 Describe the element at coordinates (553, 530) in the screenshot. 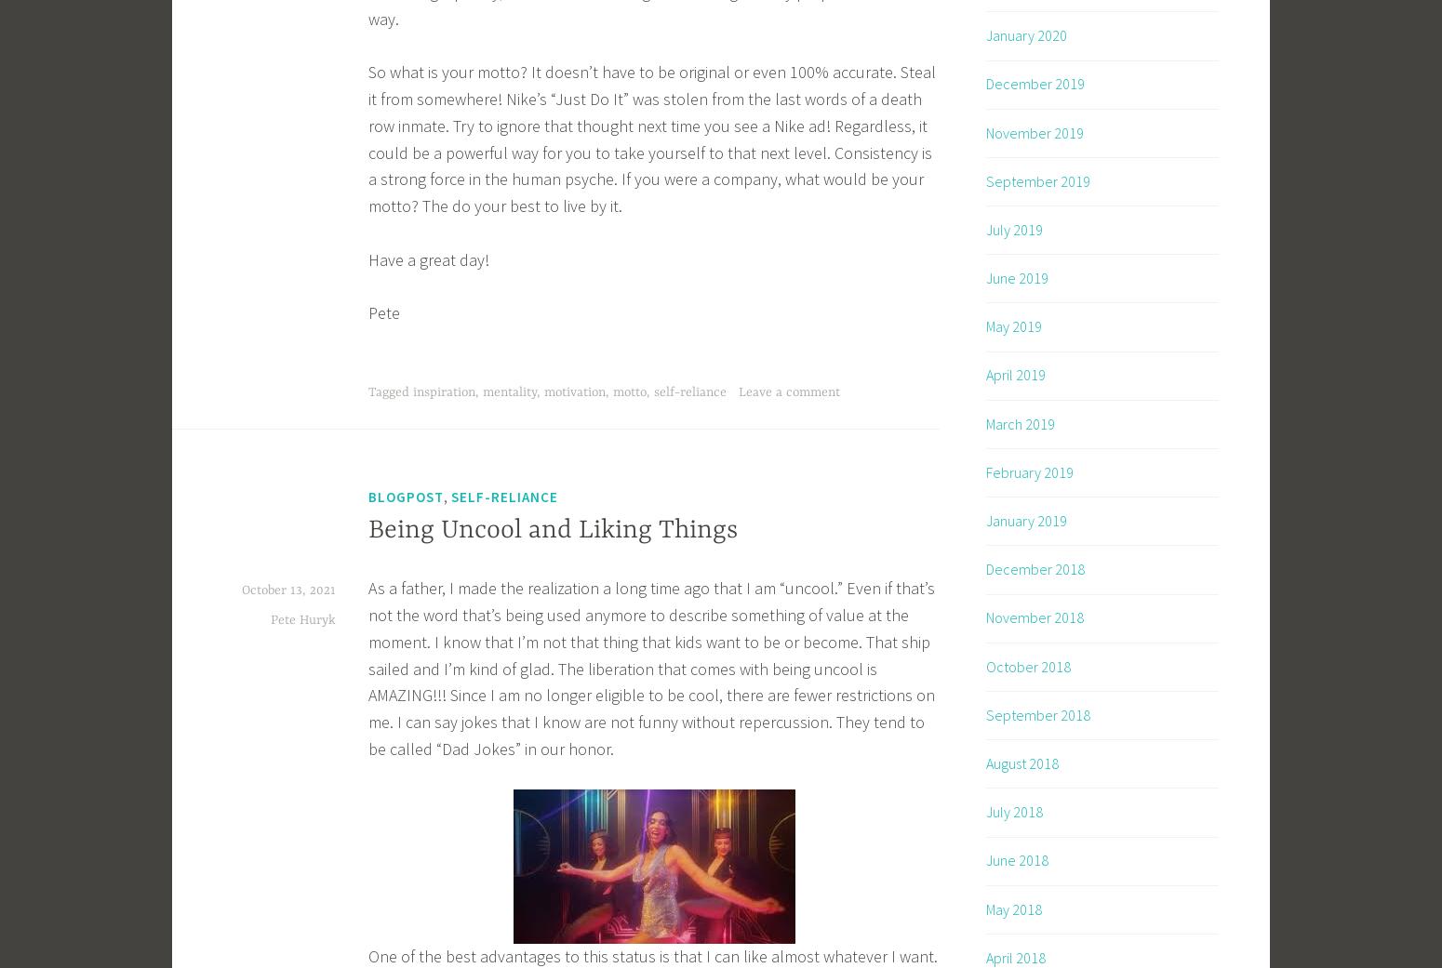

I see `'Being Uncool and Liking Things'` at that location.